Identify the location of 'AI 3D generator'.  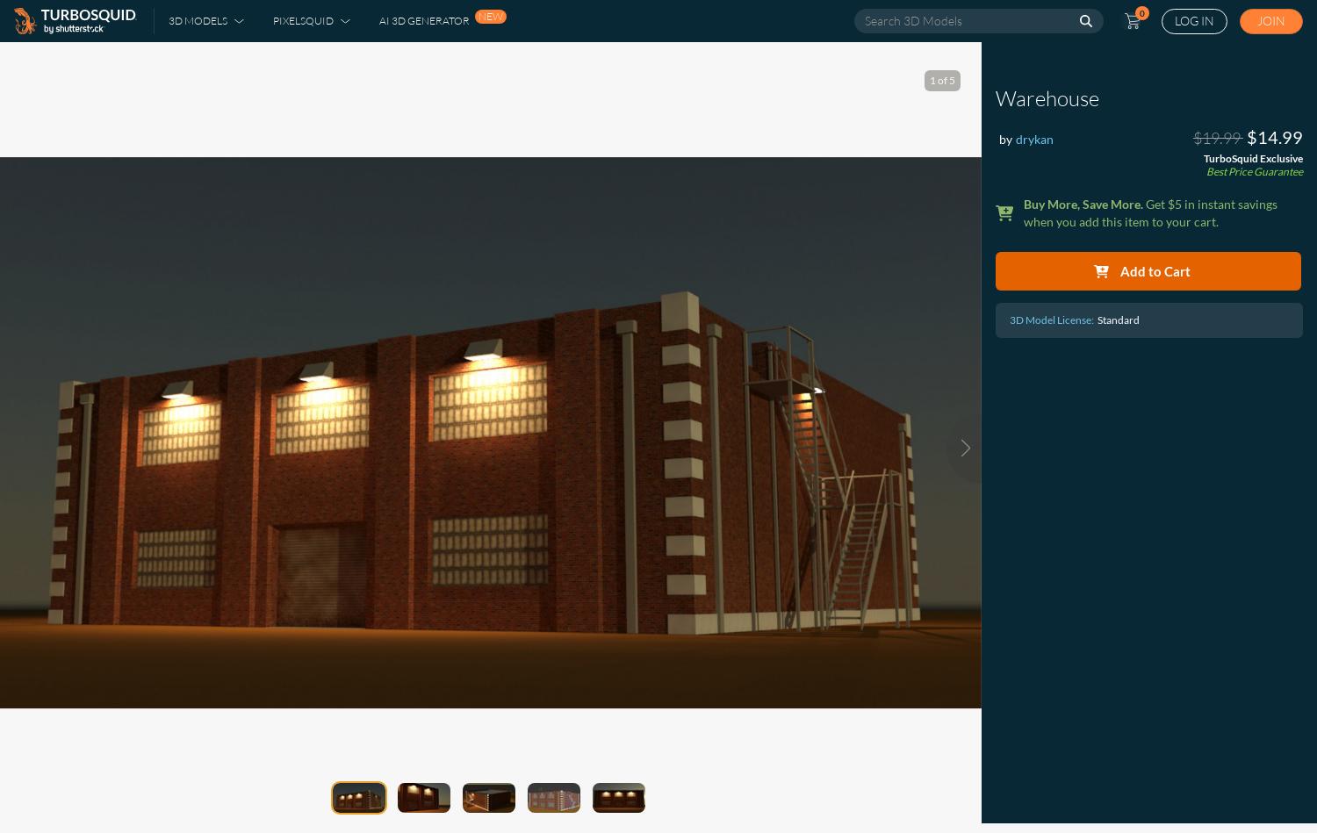
(378, 20).